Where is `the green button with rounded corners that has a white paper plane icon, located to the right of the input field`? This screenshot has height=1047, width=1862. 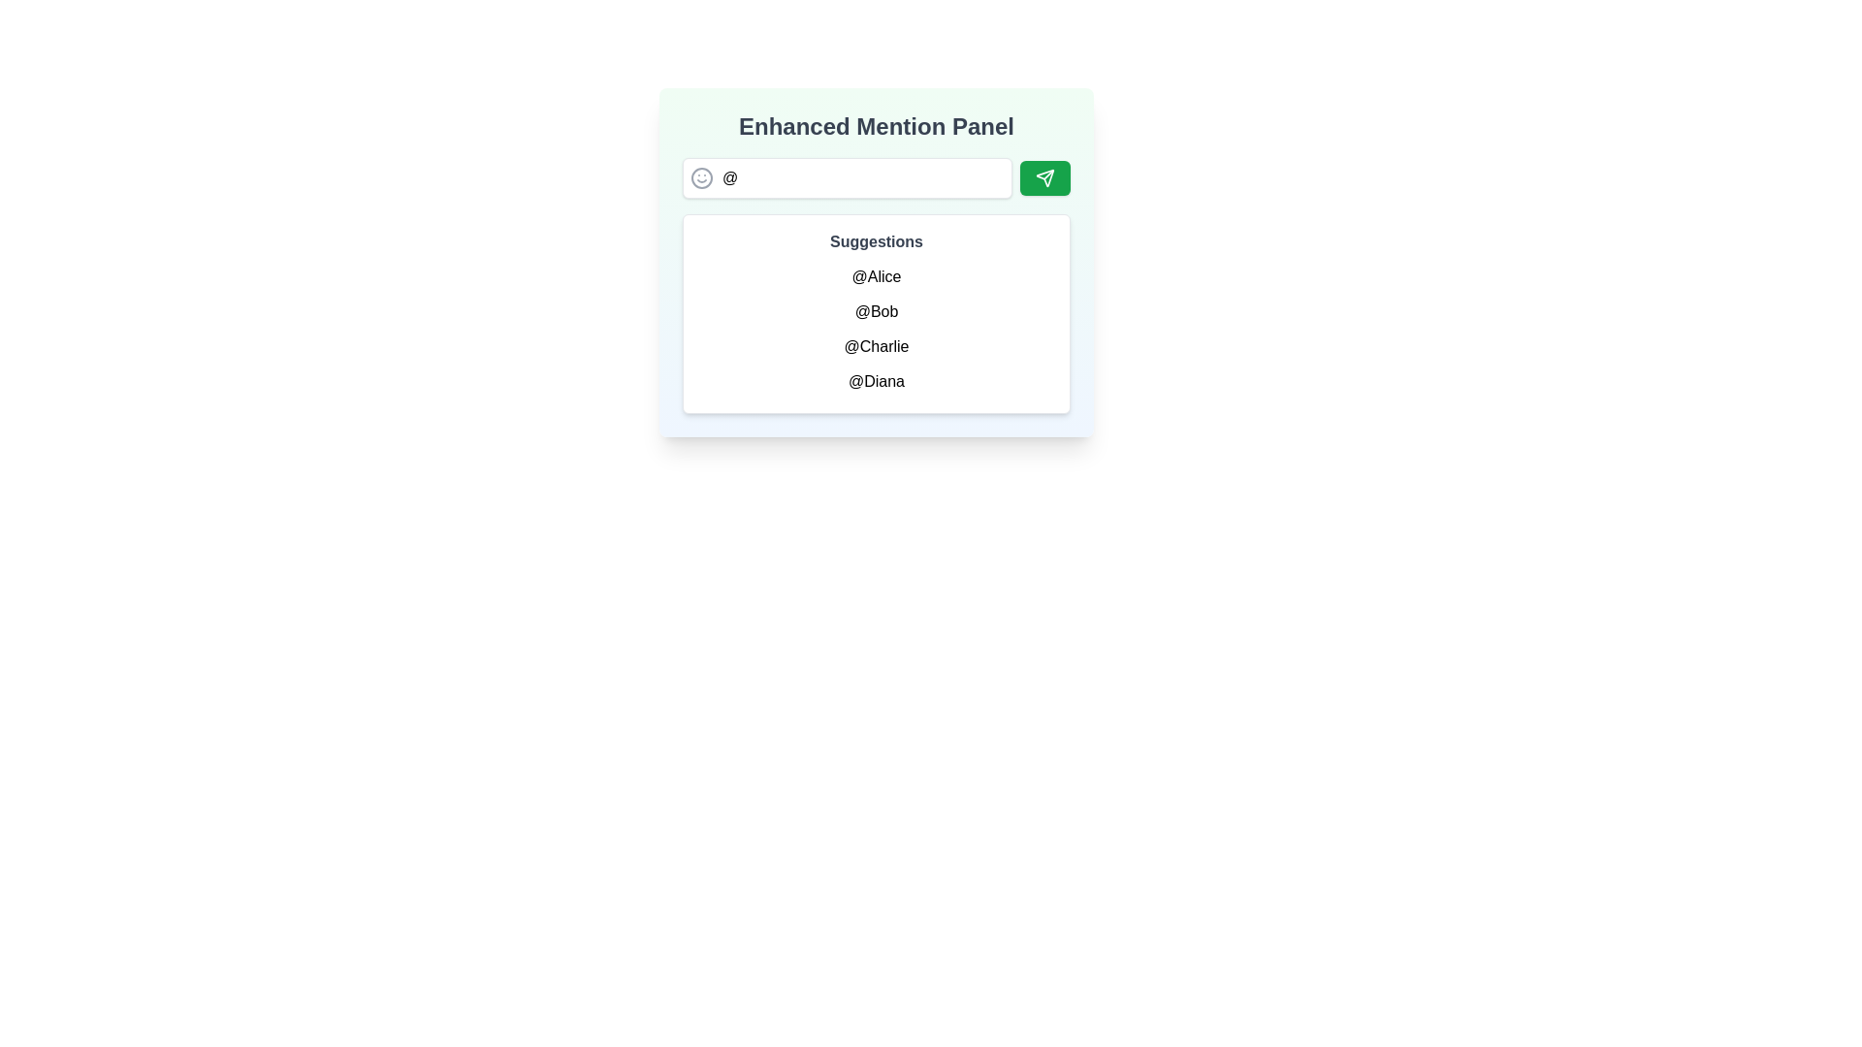 the green button with rounded corners that has a white paper plane icon, located to the right of the input field is located at coordinates (1044, 178).